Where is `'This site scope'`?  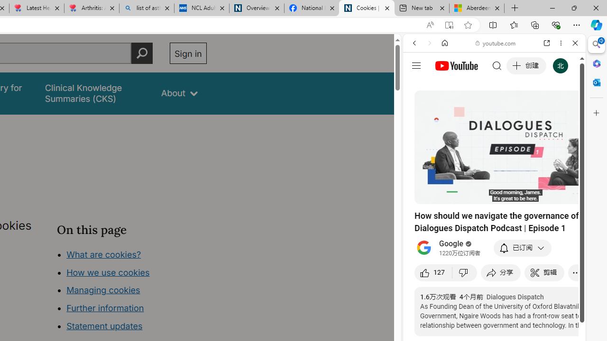
'This site scope' is located at coordinates (443, 85).